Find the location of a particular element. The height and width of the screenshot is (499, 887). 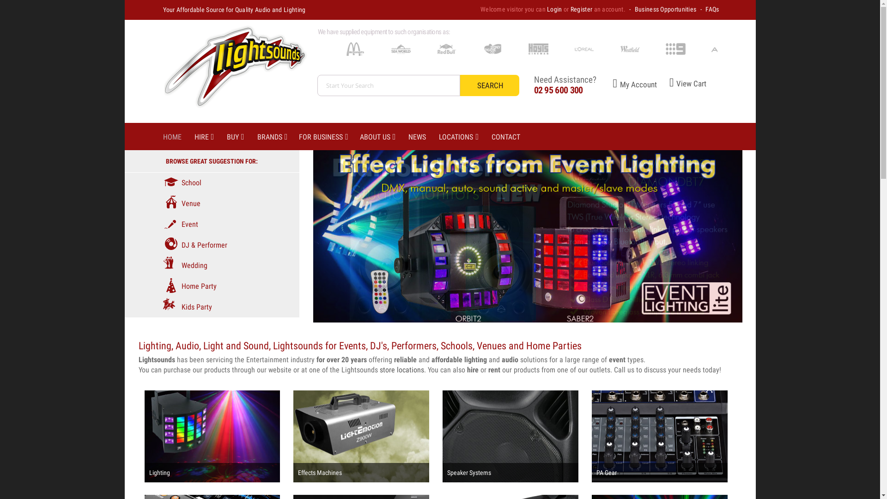

'Lightsounds' is located at coordinates (232, 71).